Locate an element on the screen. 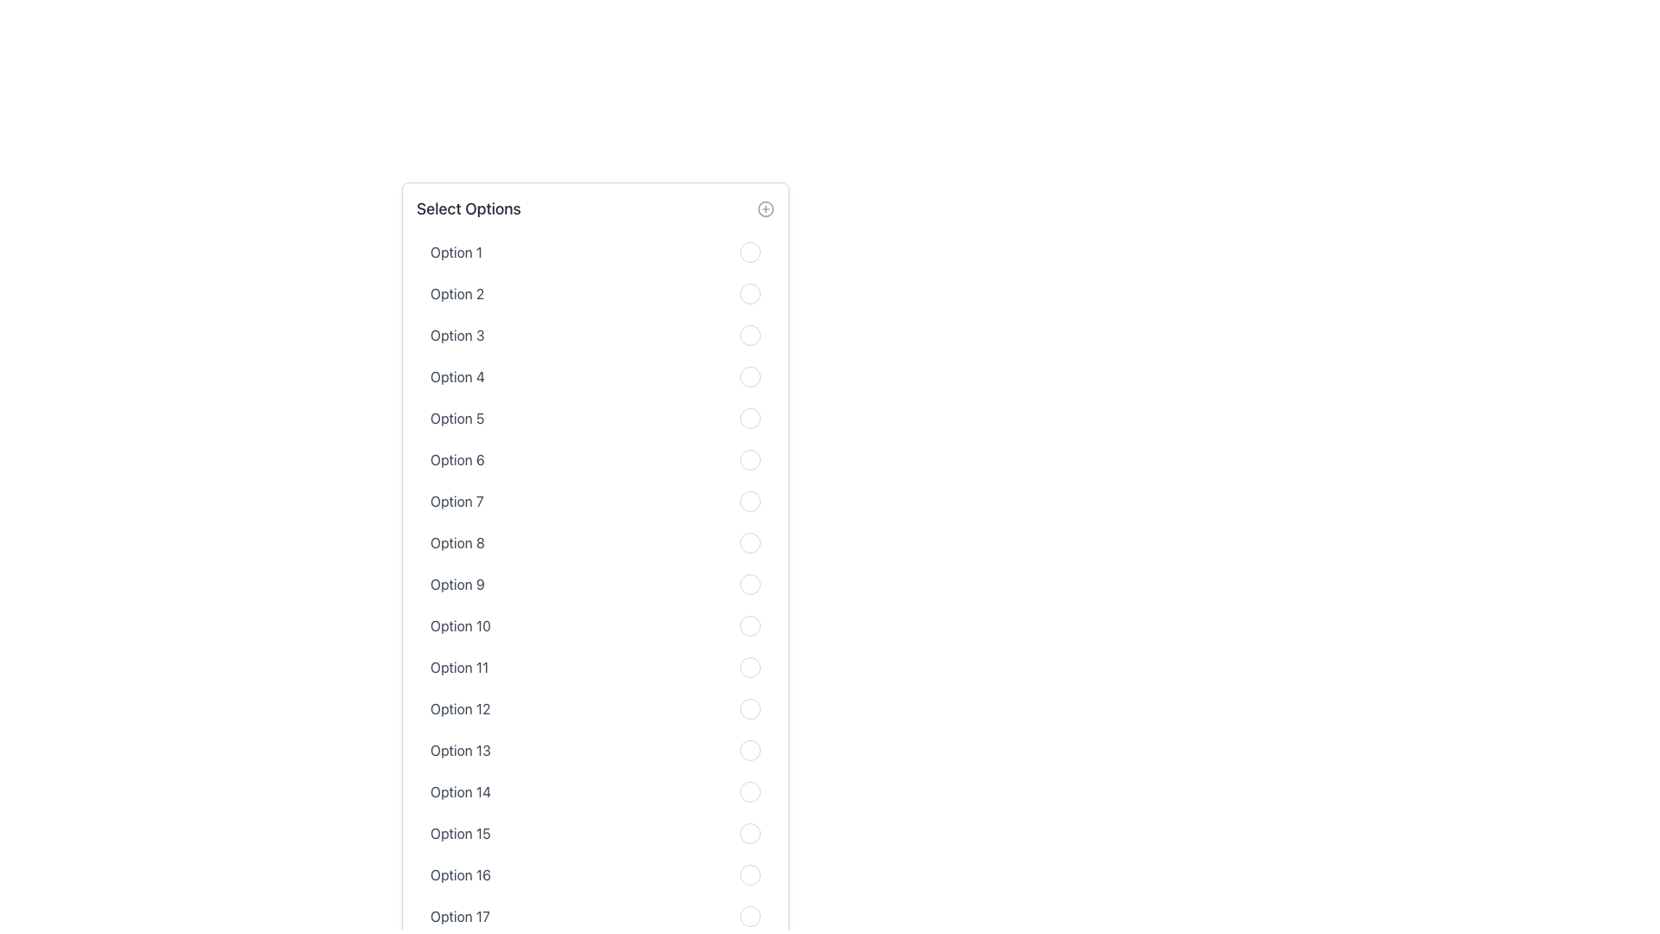  the text label for the eleventh item in a vertical list of options, which is located to the left of a circular selectable icon is located at coordinates (459, 666).